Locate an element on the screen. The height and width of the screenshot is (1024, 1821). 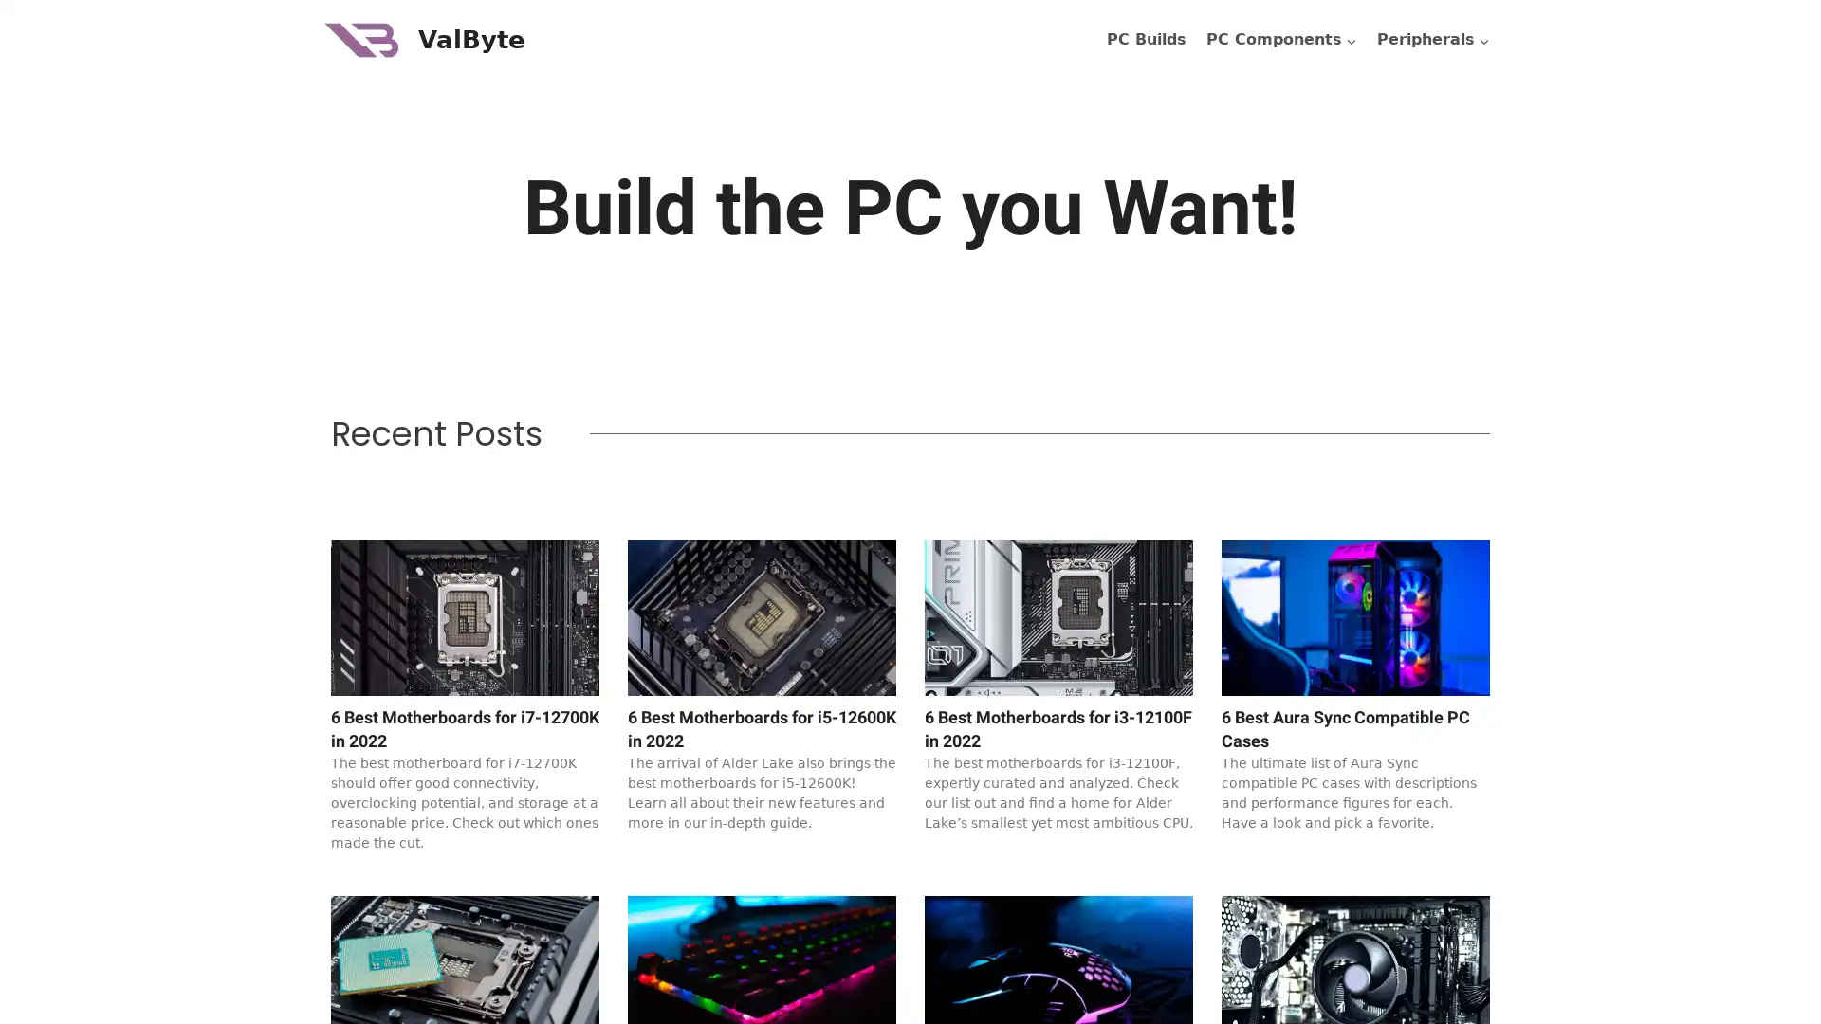
Expand child menu is located at coordinates (1433, 40).